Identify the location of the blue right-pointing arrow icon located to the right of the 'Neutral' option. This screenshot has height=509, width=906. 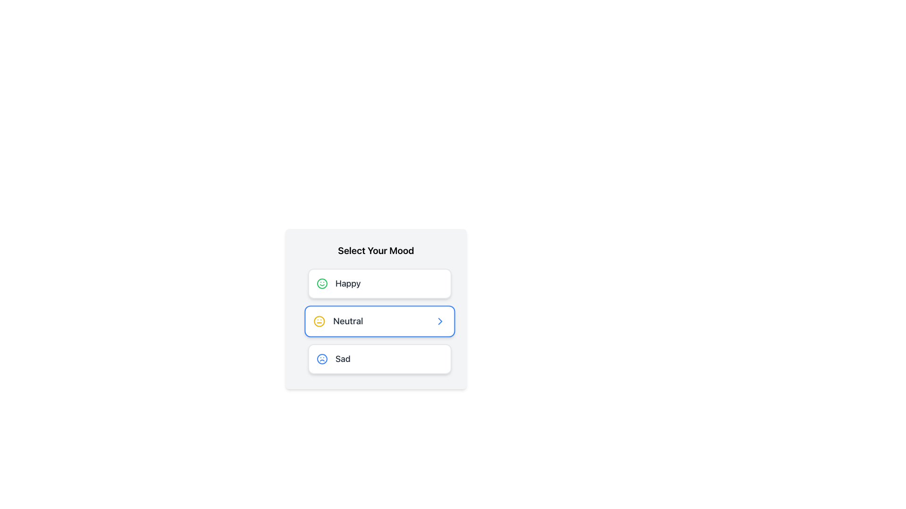
(439, 321).